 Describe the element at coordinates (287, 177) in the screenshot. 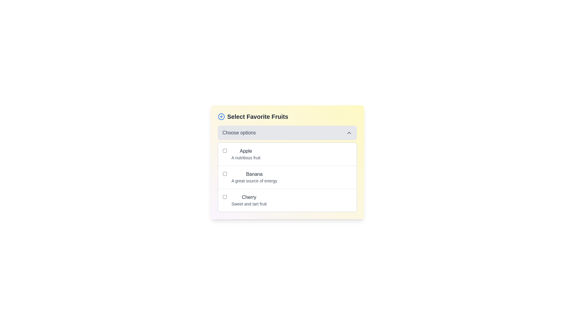

I see `the checkbox` at that location.